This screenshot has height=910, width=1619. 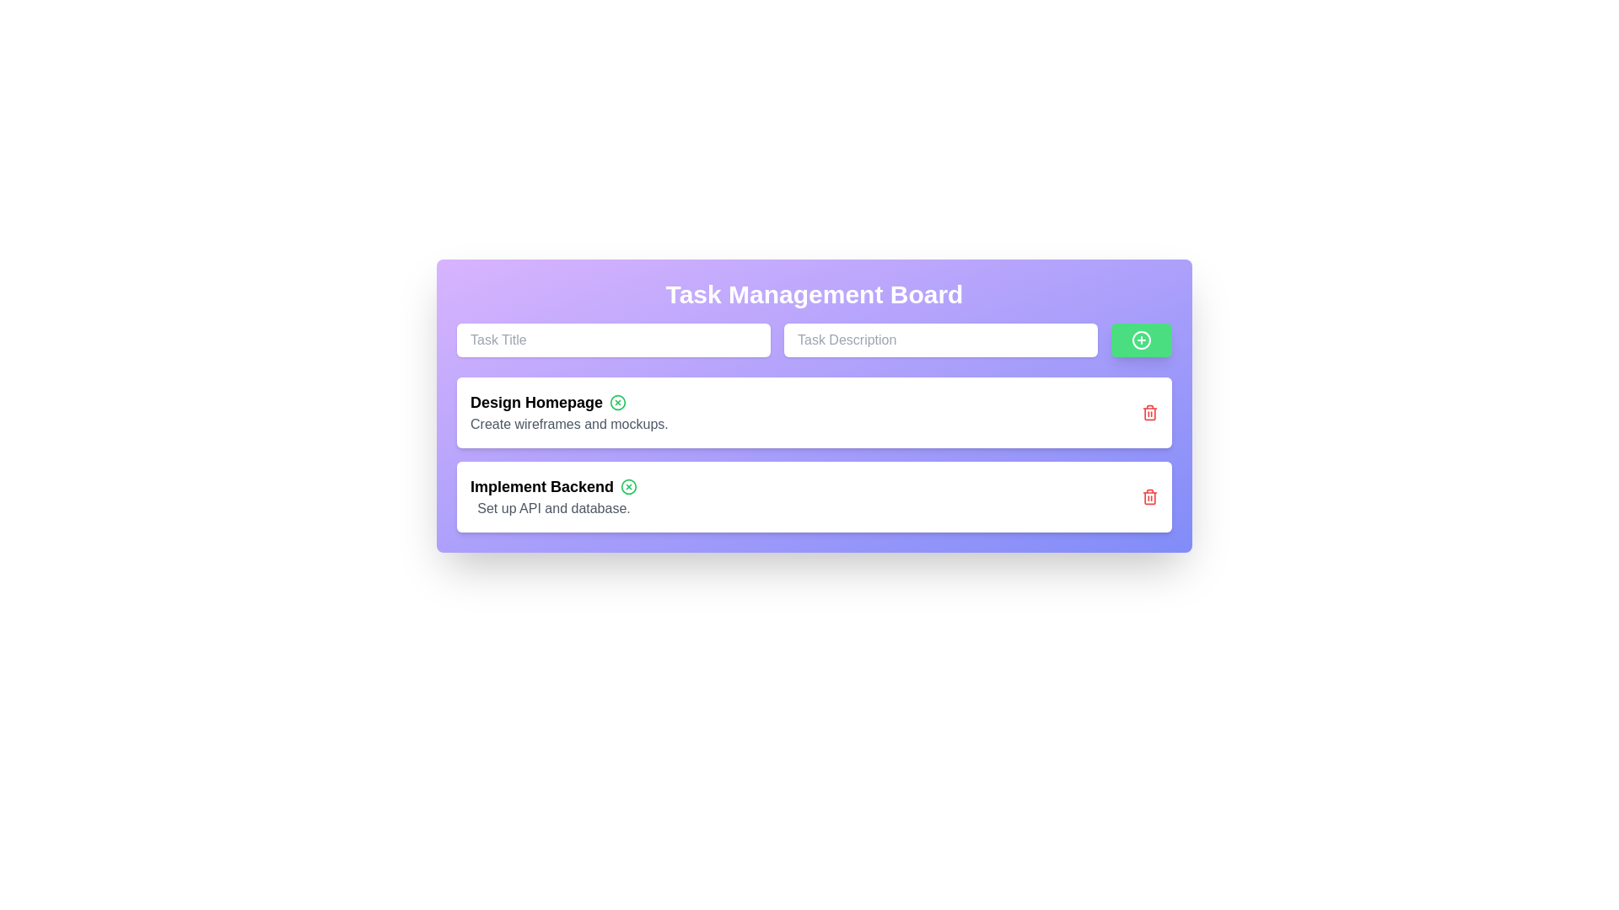 What do you see at coordinates (628, 487) in the screenshot?
I see `the SVG circle element that represents the delete button for the task 'Implement Backend' located in the top-right part of the section` at bounding box center [628, 487].